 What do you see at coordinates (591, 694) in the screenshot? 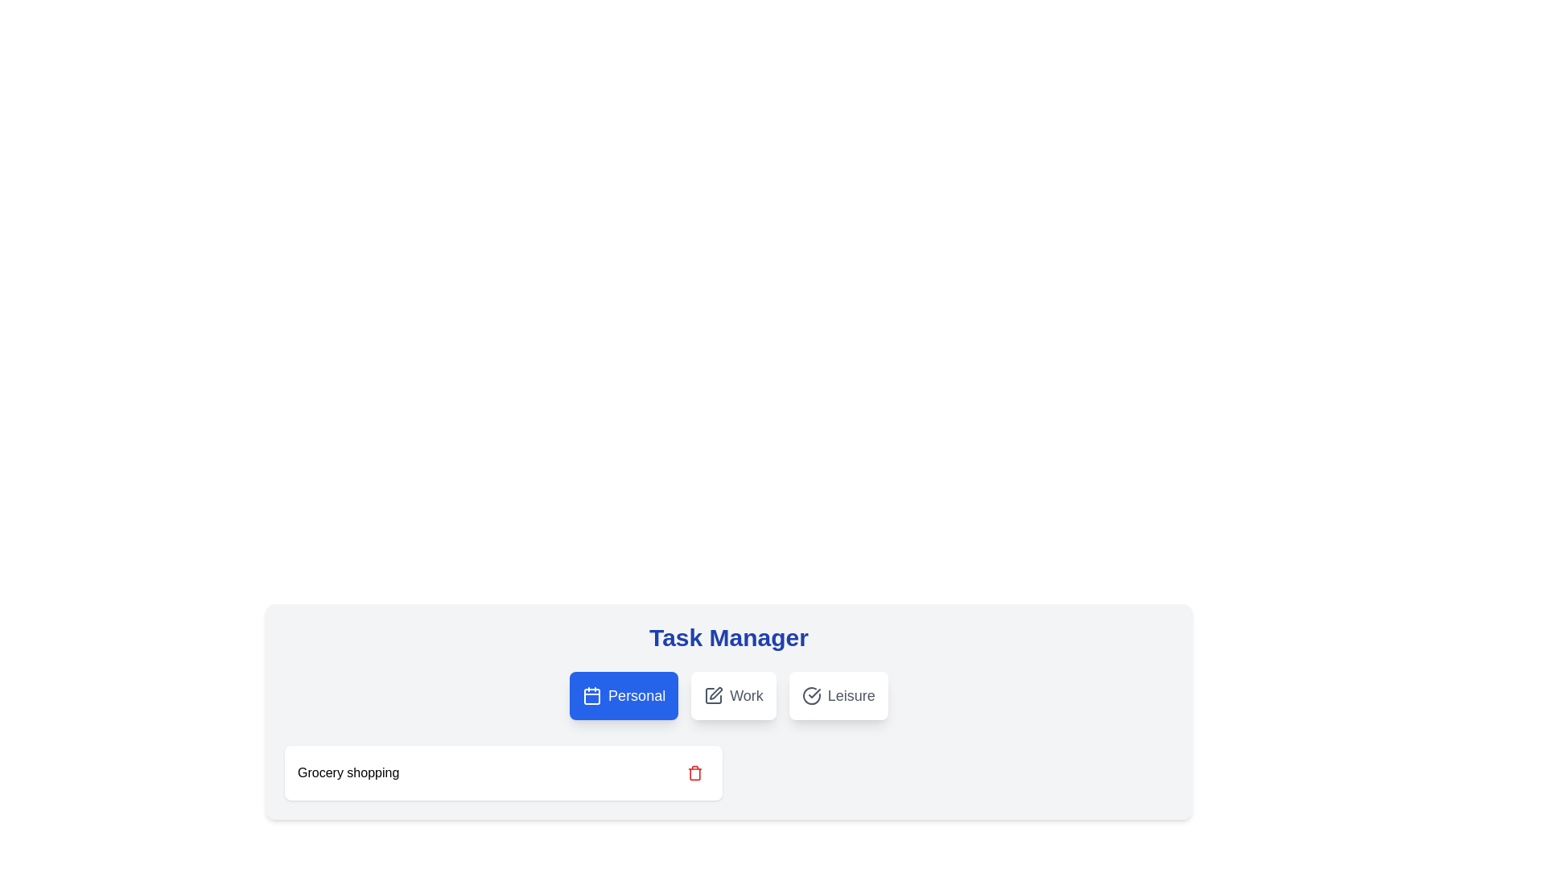
I see `the calendar icon representing the 'Personal' category in the task manager interface` at bounding box center [591, 694].